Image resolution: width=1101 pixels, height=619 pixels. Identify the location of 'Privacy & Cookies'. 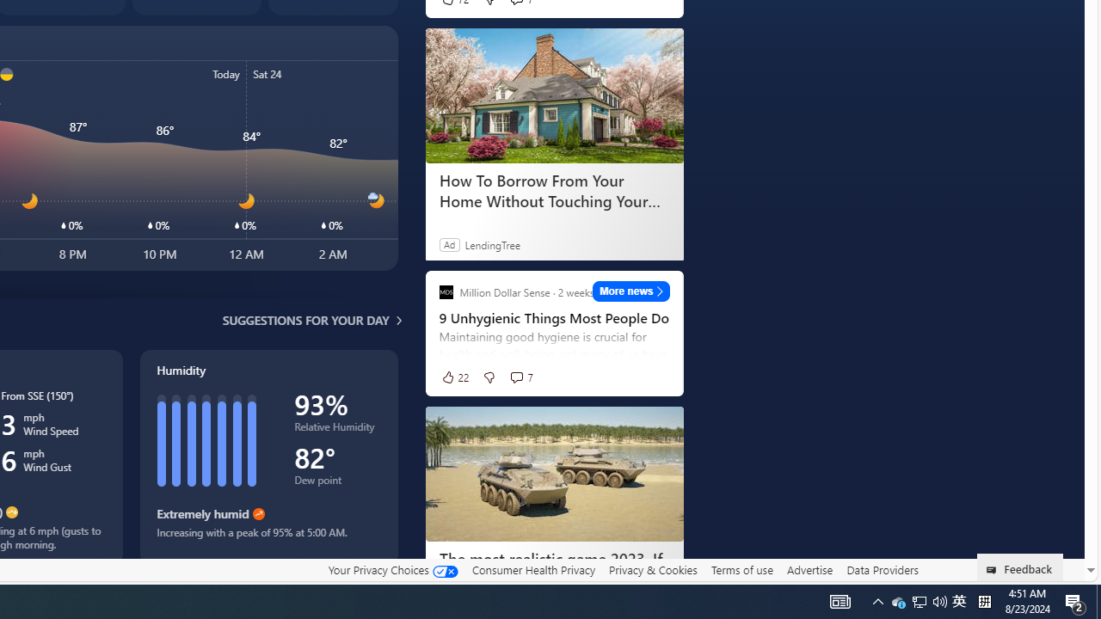
(652, 569).